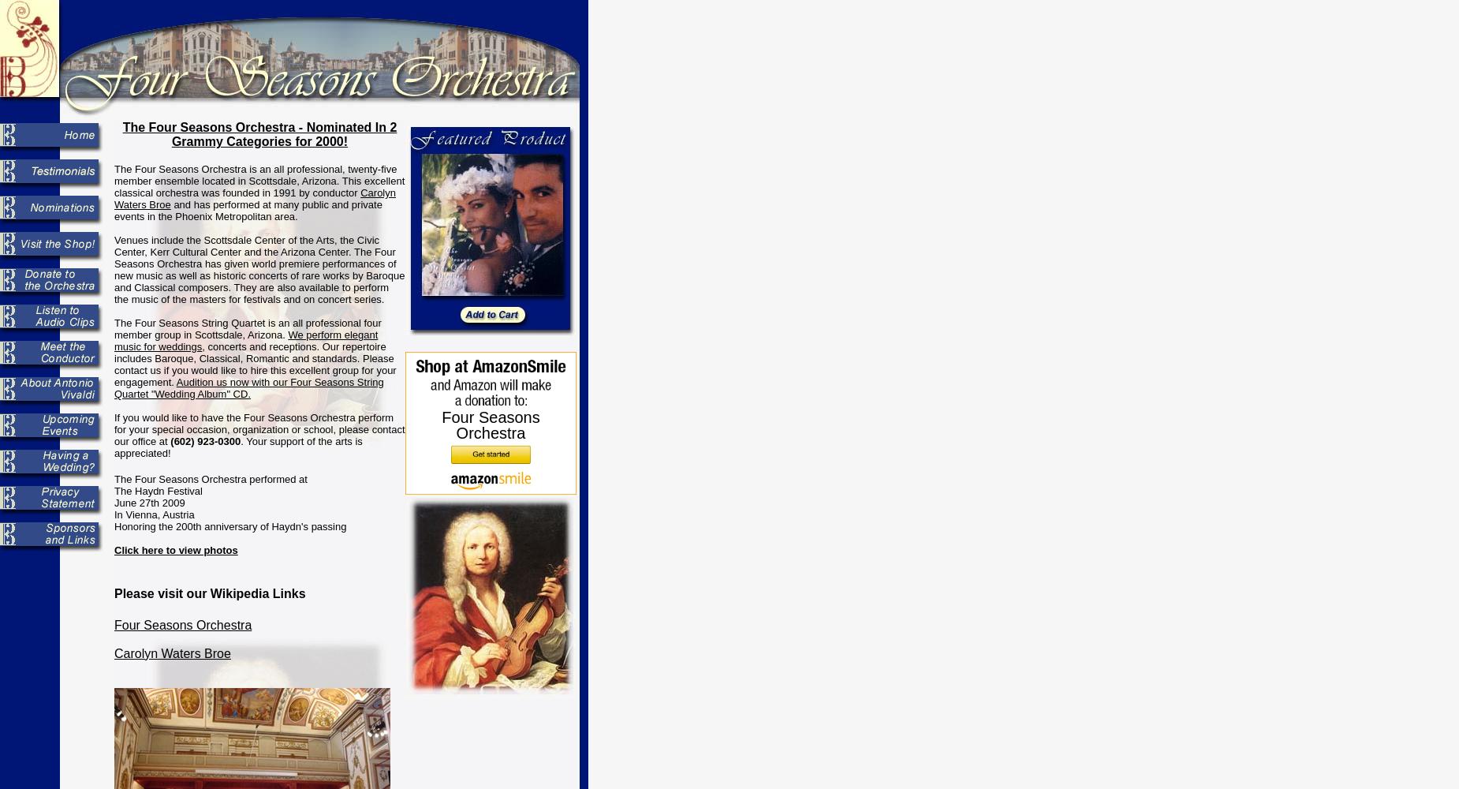 This screenshot has width=1459, height=789. Describe the element at coordinates (114, 199) in the screenshot. I see `'Carolyn 

                  Waters Broe'` at that location.